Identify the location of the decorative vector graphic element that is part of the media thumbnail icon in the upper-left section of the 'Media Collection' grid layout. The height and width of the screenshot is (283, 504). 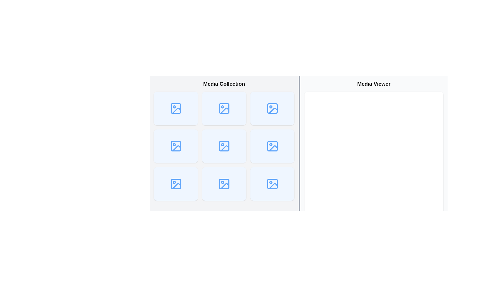
(176, 108).